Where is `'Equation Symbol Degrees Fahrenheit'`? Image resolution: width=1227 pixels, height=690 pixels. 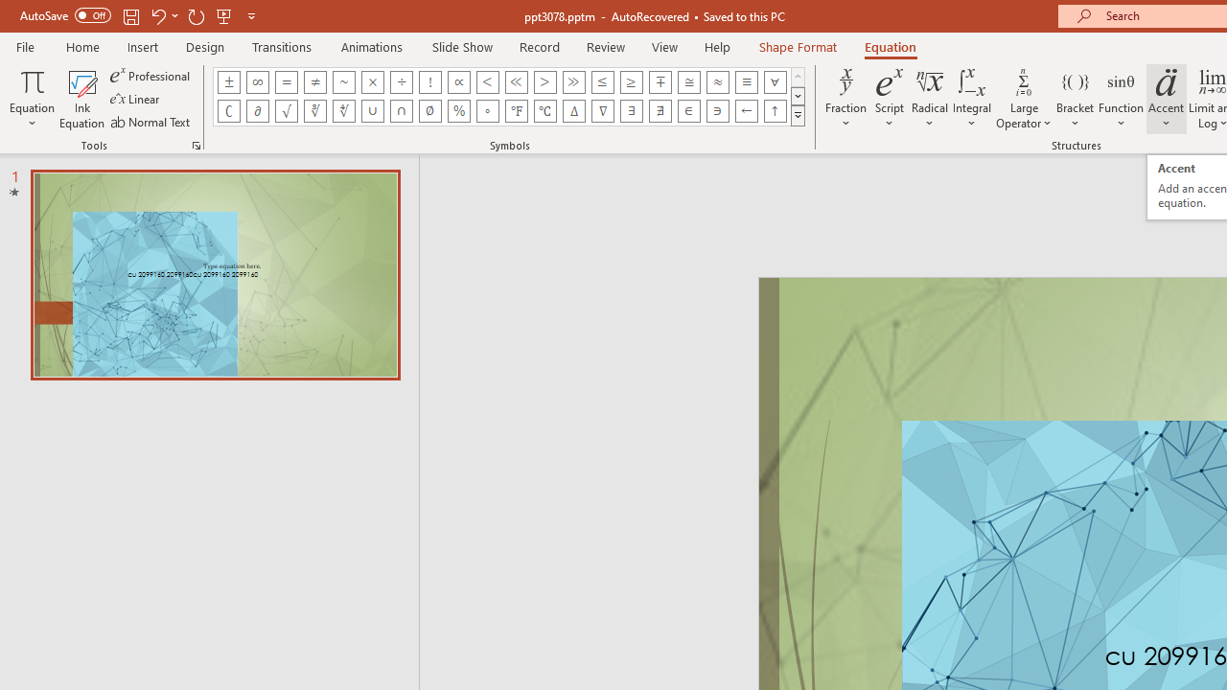 'Equation Symbol Degrees Fahrenheit' is located at coordinates (516, 110).